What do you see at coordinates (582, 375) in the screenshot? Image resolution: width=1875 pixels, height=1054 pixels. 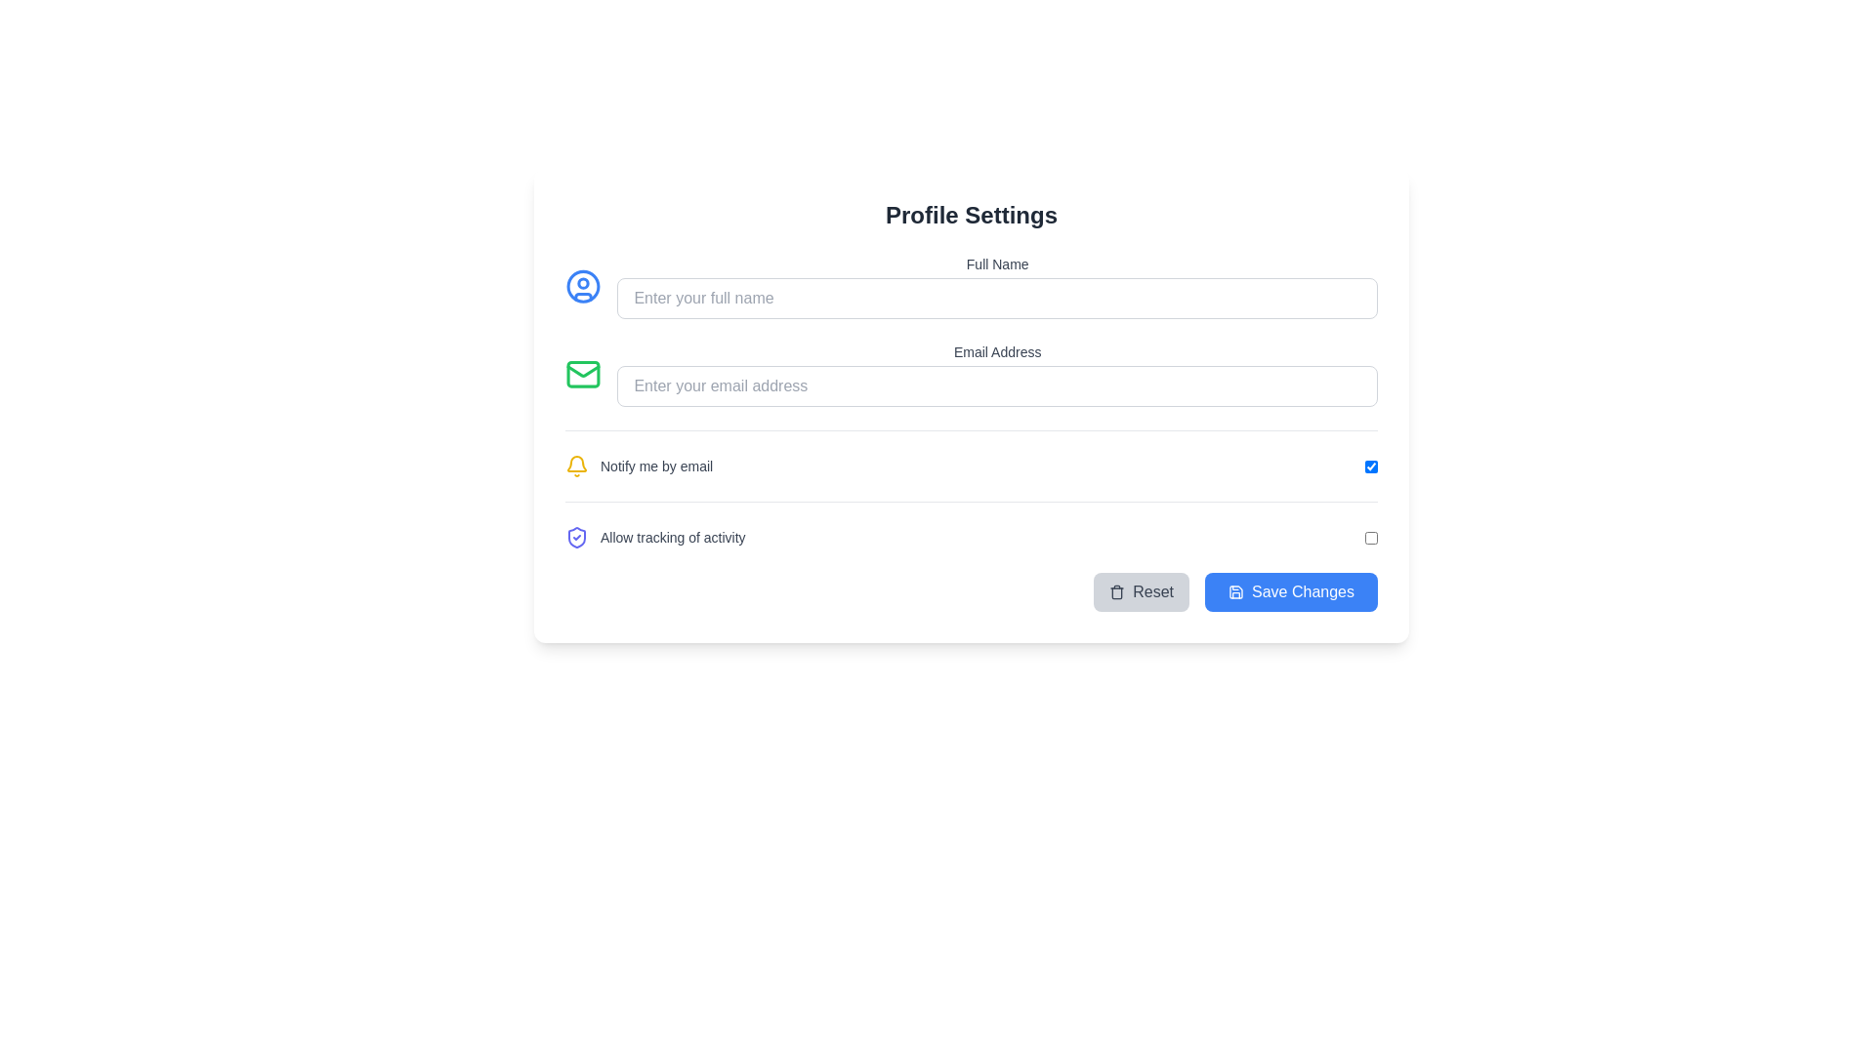 I see `the envelope icon representing 'Email Address' located to the left of the 'Enter your email address' text box in the 'Profile Settings' section` at bounding box center [582, 375].